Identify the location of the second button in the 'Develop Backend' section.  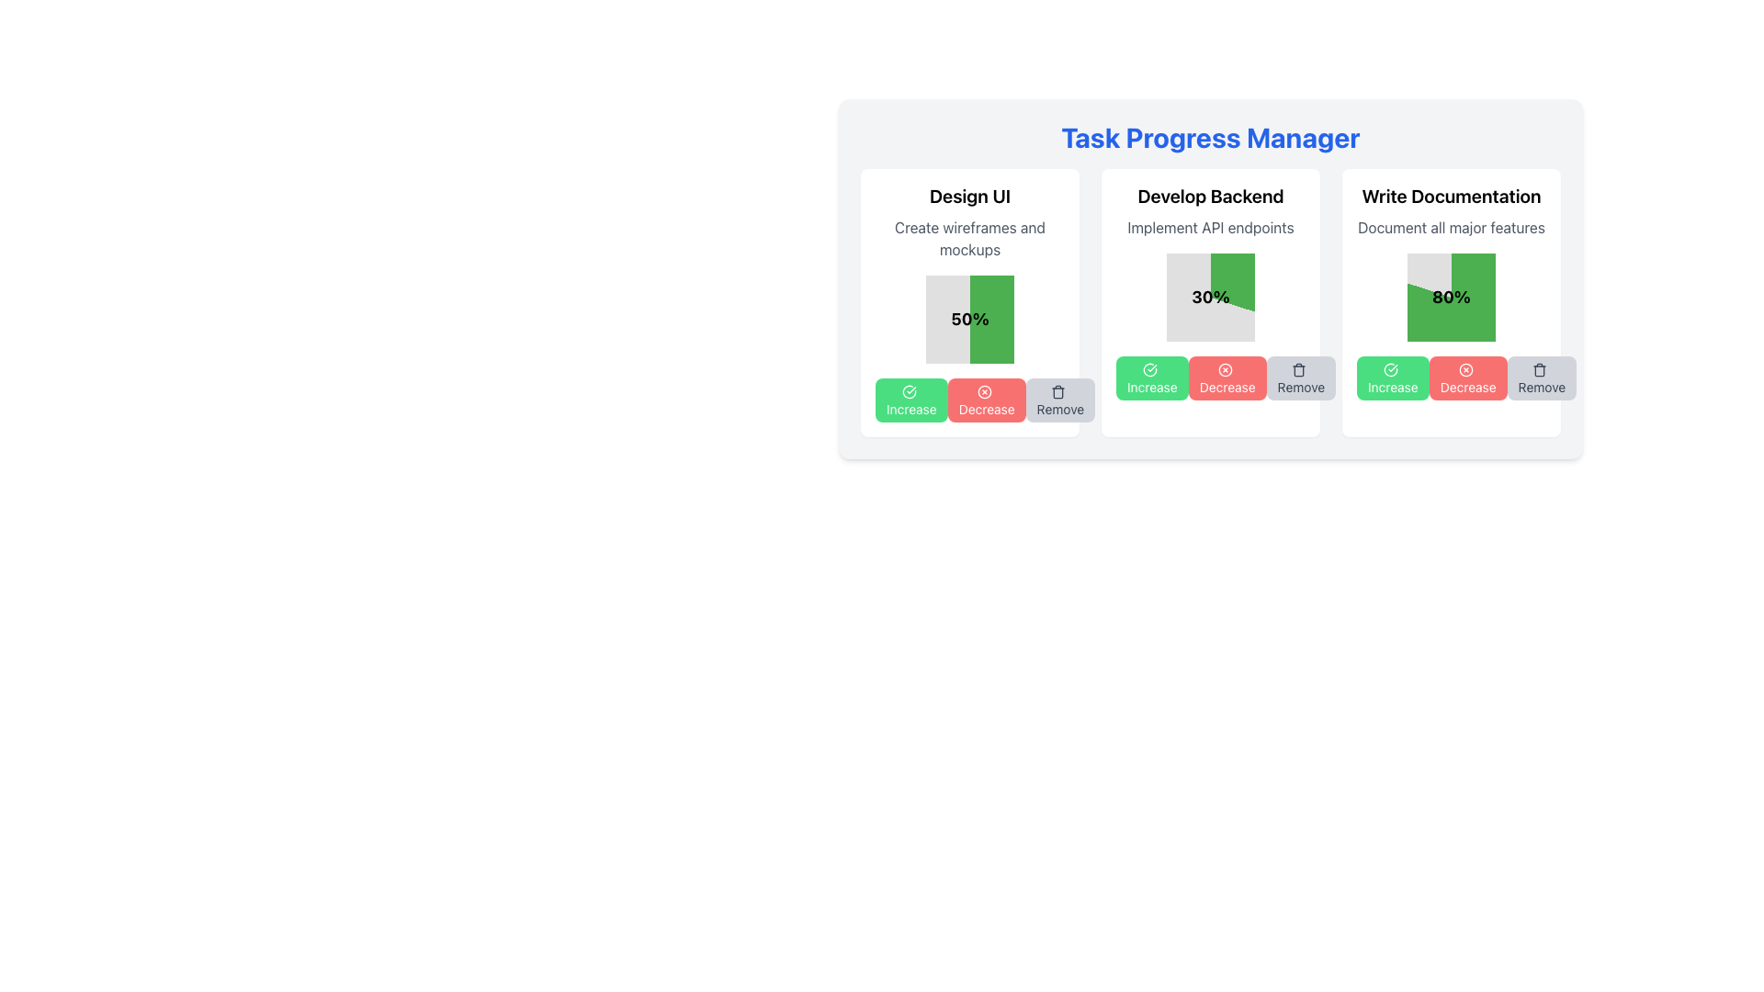
(1227, 378).